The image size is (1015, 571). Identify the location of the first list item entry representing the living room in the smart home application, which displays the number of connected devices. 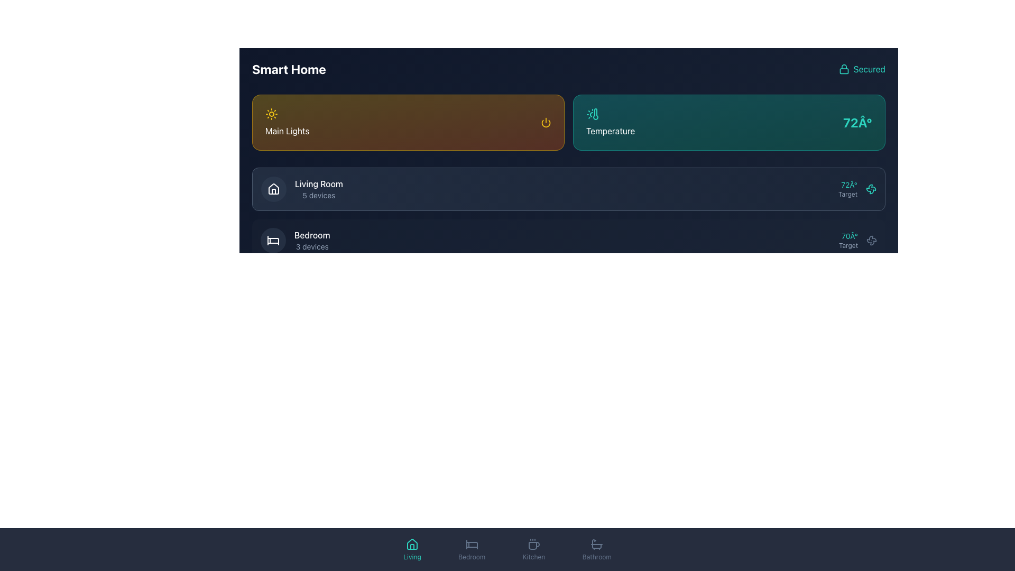
(301, 189).